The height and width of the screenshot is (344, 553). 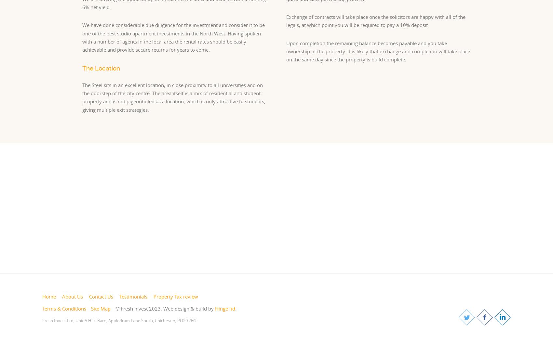 I want to click on 'Exchange of contracts will take place once the solicitors are happy with all of the legals, at which point you will be required to pay a 10% deposit', so click(x=376, y=21).